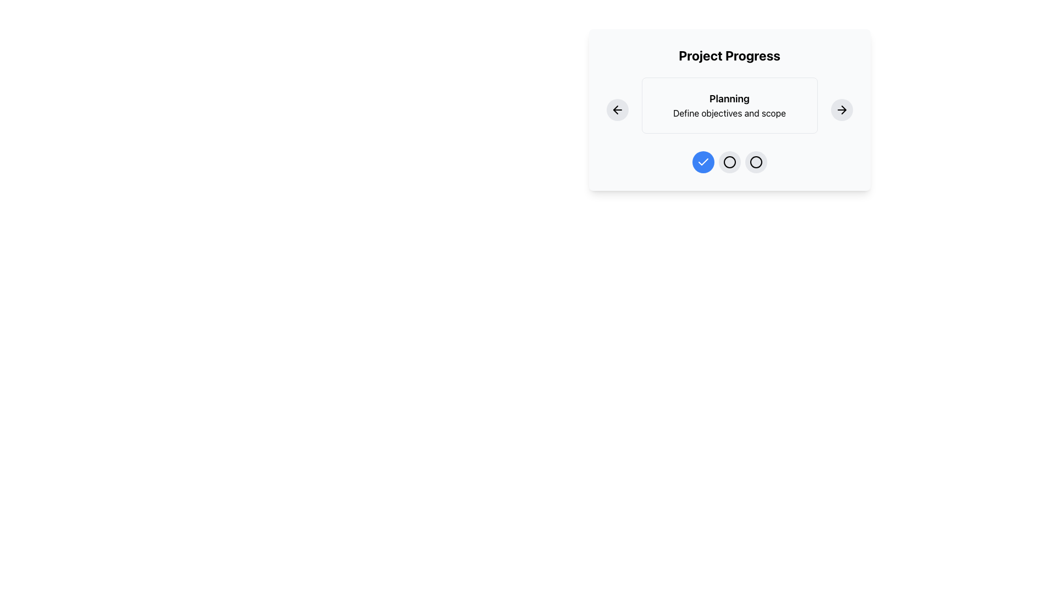 The image size is (1056, 594). I want to click on the Informational display panel that displays 'Planning' and 'Define objectives and scope', located between two circular buttons, so click(729, 110).